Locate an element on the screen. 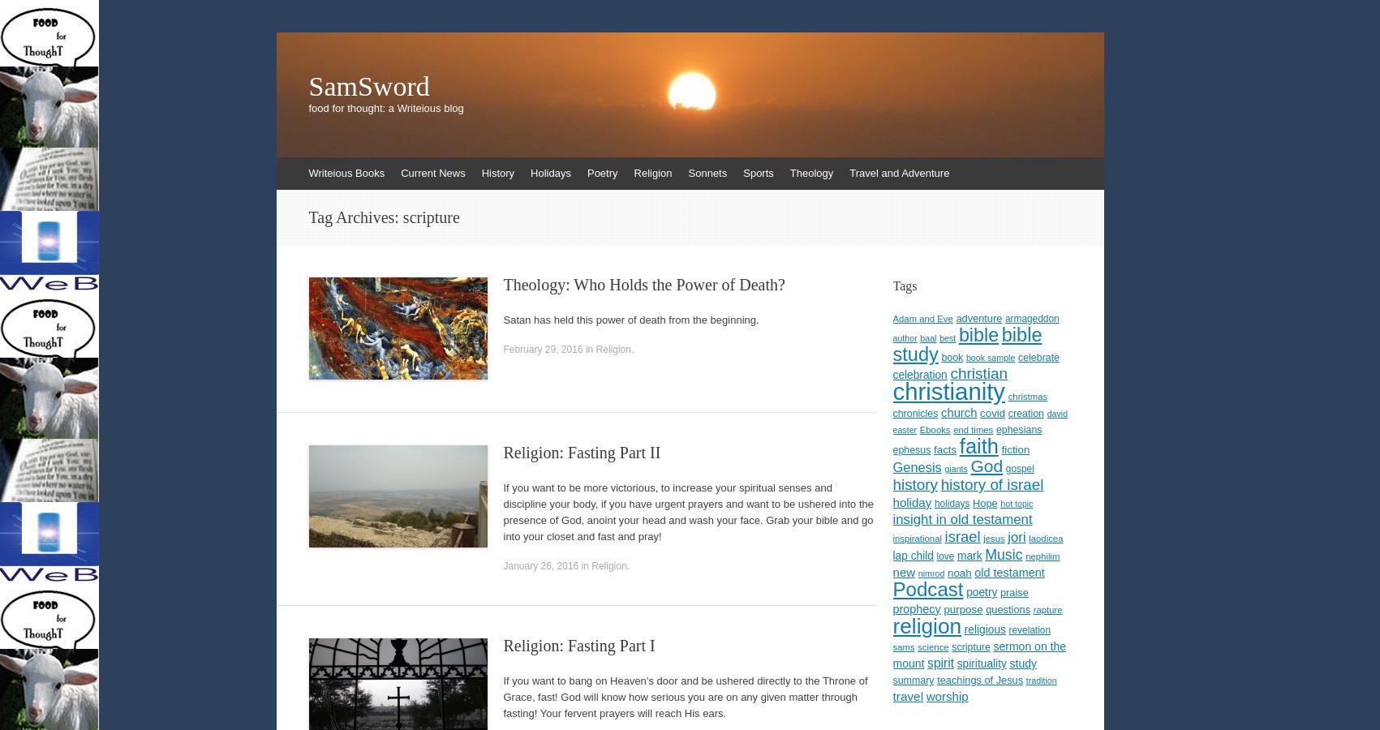  'armageddon' is located at coordinates (1031, 319).